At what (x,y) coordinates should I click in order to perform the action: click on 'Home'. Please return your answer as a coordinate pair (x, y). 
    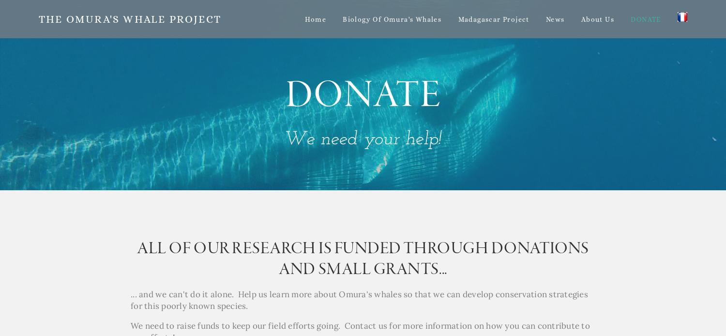
    Looking at the image, I should click on (315, 19).